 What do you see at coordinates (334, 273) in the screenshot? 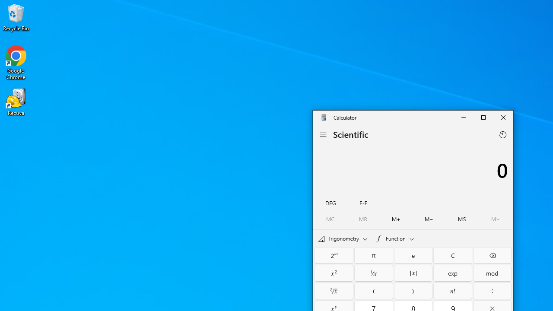
I see `'Square'` at bounding box center [334, 273].